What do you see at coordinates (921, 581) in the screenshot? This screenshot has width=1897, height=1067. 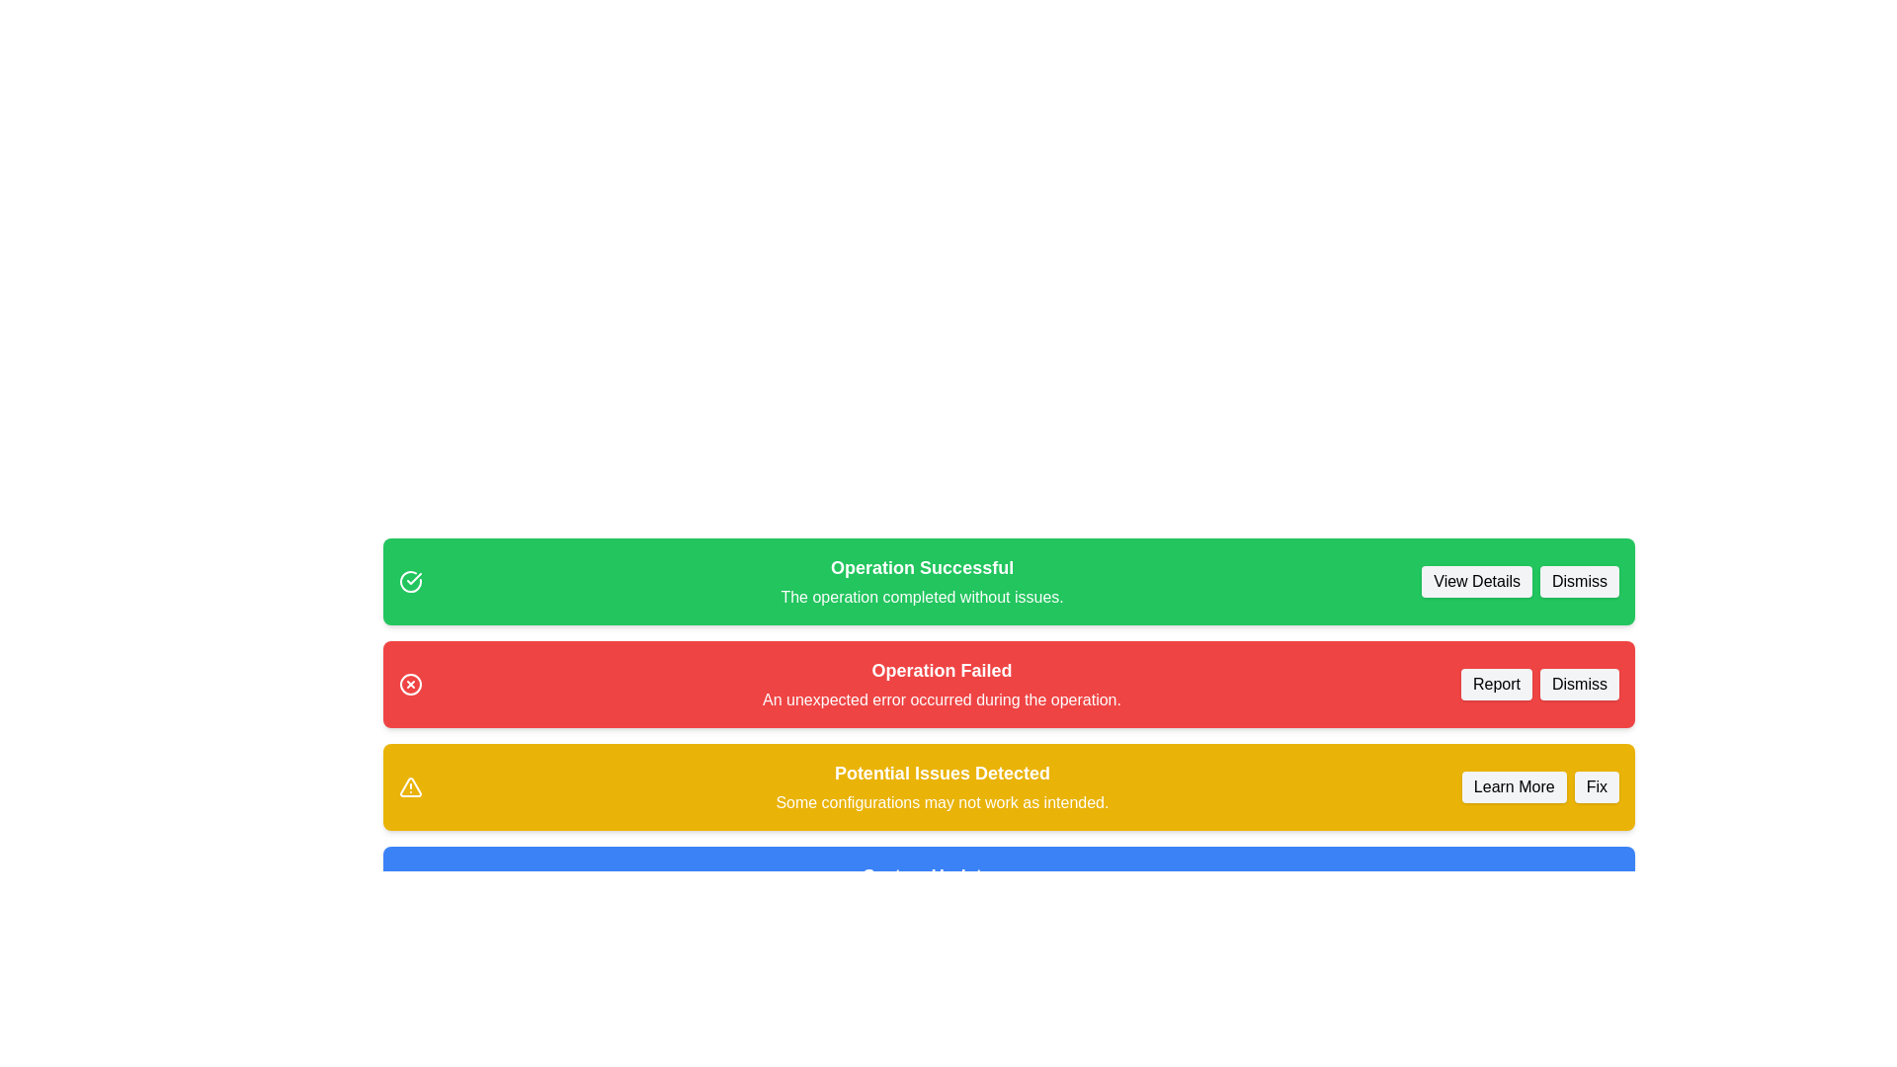 I see `the confirmation message in the green alert box located at the top of the stacked alerts` at bounding box center [921, 581].